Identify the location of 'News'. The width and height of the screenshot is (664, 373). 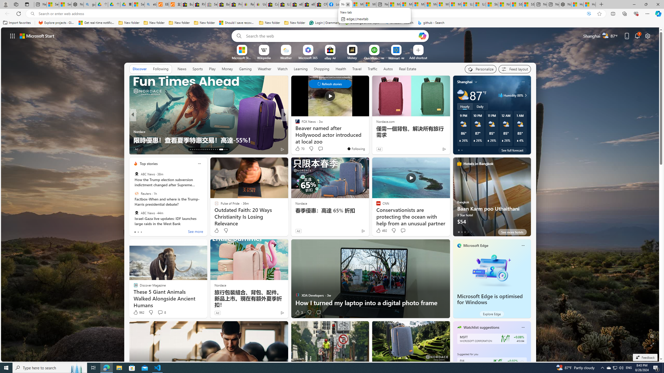
(182, 68).